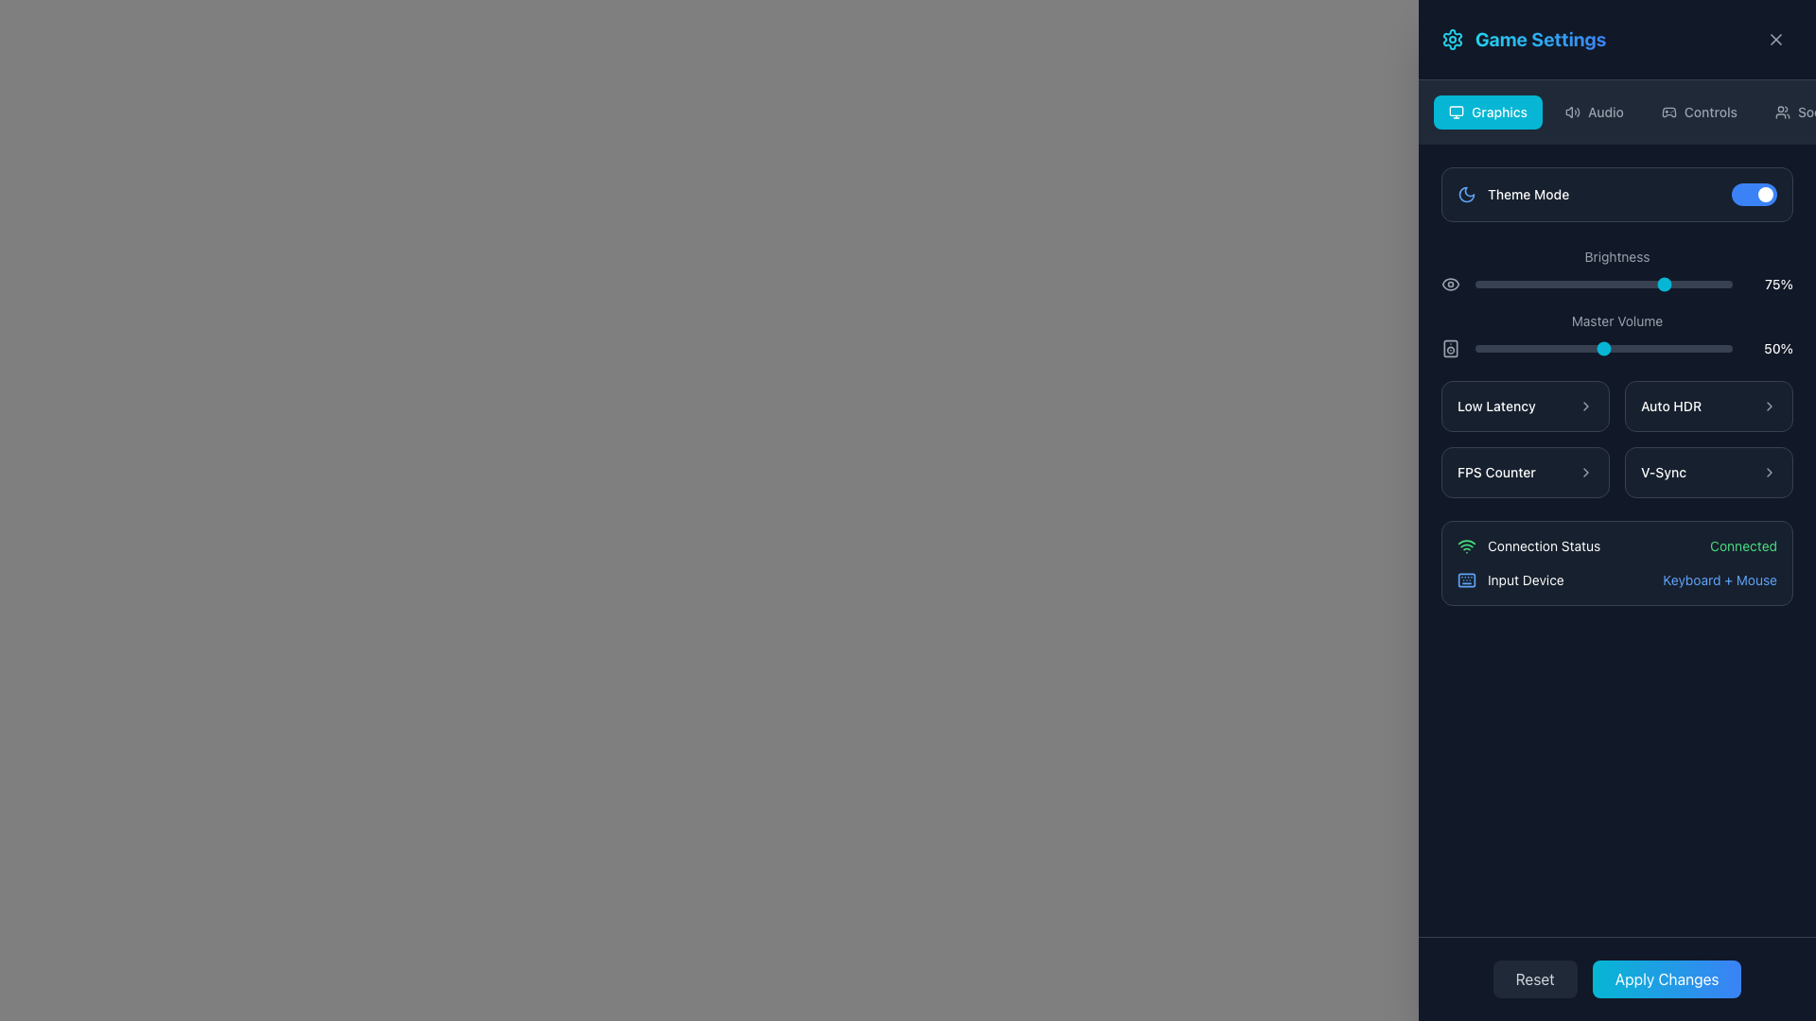 The height and width of the screenshot is (1021, 1816). Describe the element at coordinates (1667, 978) in the screenshot. I see `the 'Apply Changes' button, which is a rectangular button with a gradient background from cyan to blue, located at the bottom-right corner of the interface` at that location.